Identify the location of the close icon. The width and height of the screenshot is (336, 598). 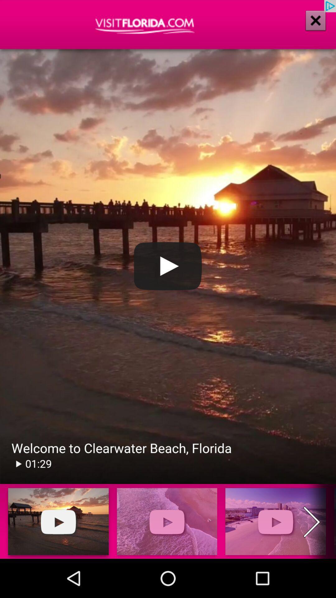
(315, 22).